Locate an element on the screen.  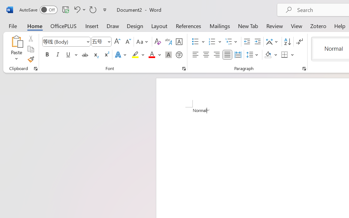
'Font Size' is located at coordinates (101, 42).